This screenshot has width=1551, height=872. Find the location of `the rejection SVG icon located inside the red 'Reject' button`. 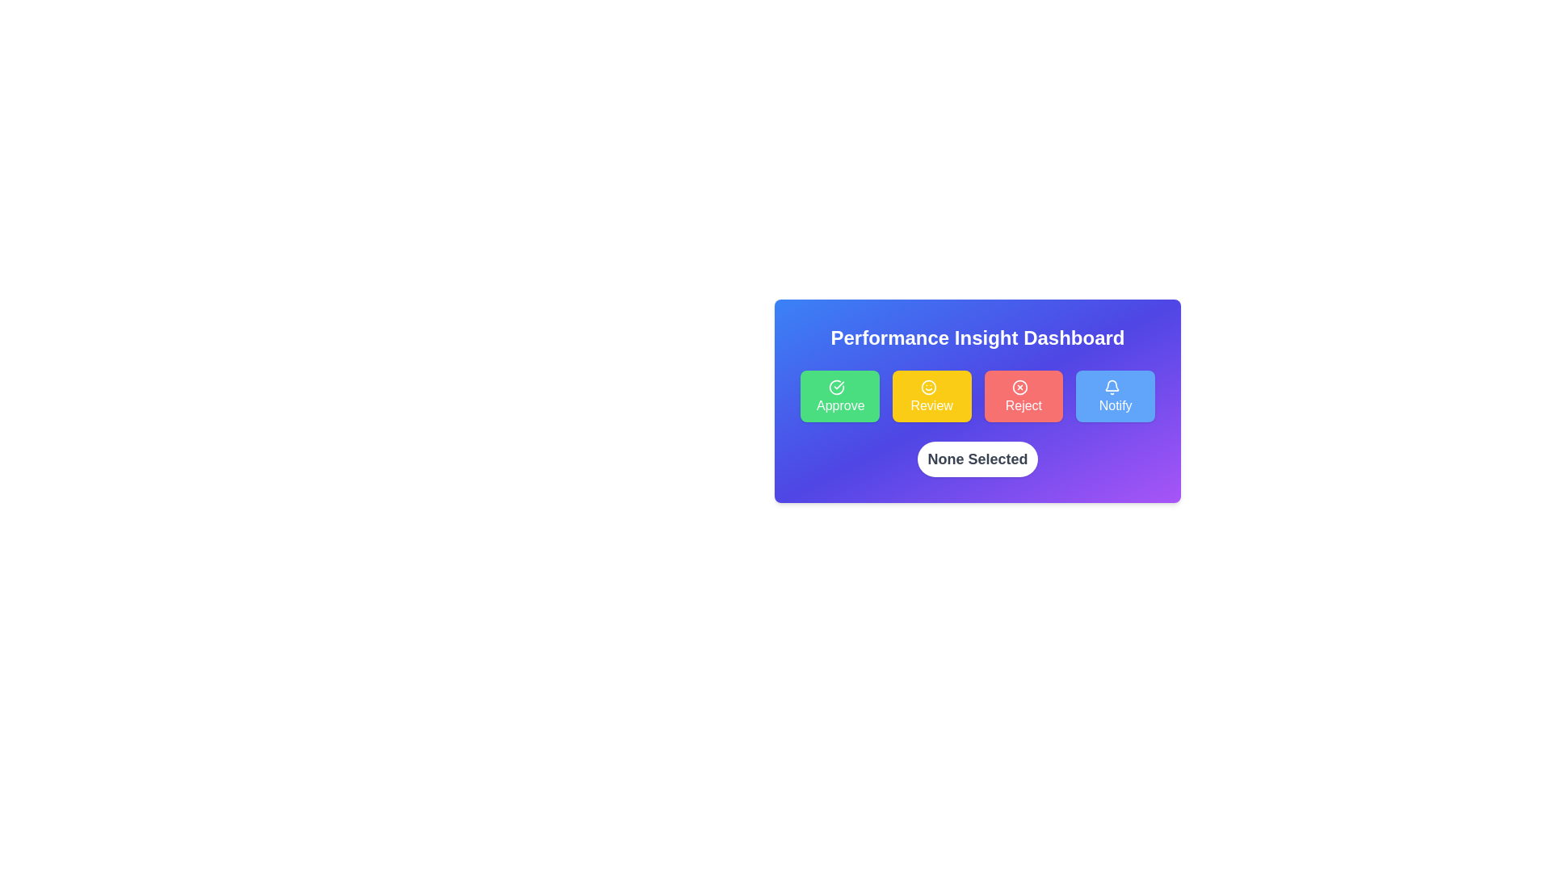

the rejection SVG icon located inside the red 'Reject' button is located at coordinates (1019, 387).